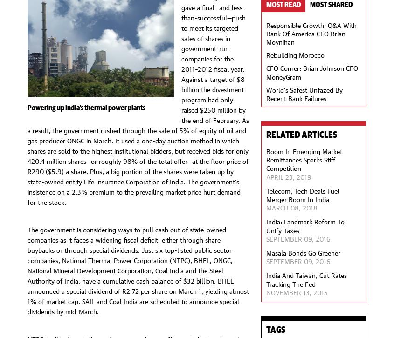 The width and height of the screenshot is (401, 338). What do you see at coordinates (290, 207) in the screenshot?
I see `'March 08, 2018'` at bounding box center [290, 207].